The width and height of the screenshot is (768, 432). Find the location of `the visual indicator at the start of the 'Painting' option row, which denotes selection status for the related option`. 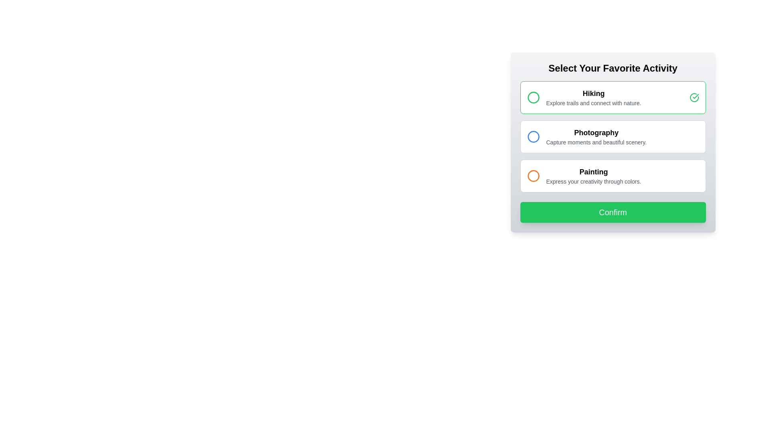

the visual indicator at the start of the 'Painting' option row, which denotes selection status for the related option is located at coordinates (533, 175).